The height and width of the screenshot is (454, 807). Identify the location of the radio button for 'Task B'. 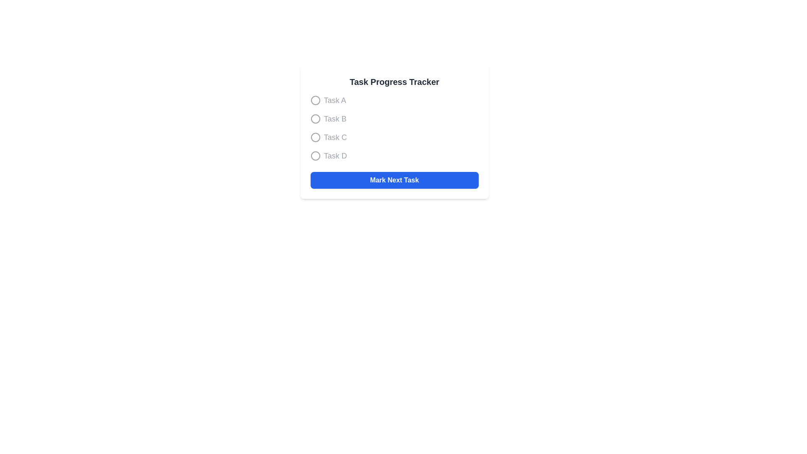
(394, 119).